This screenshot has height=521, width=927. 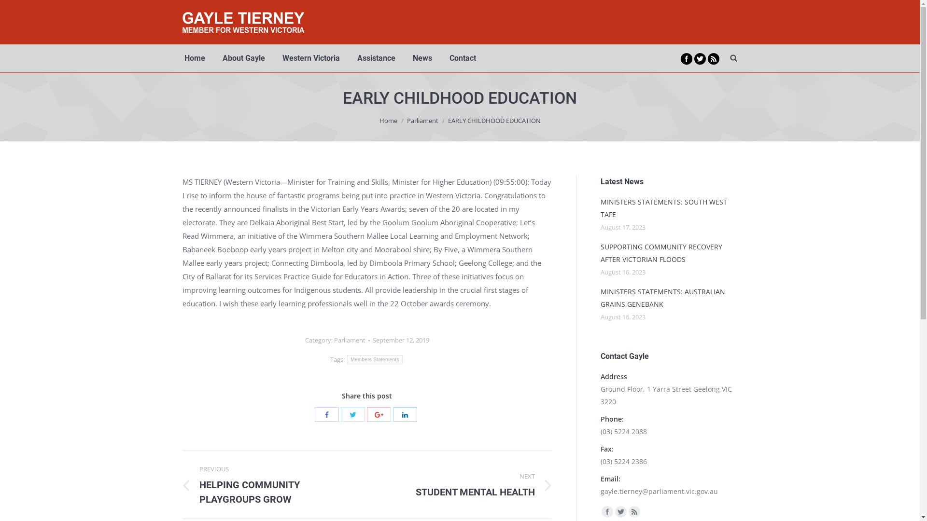 What do you see at coordinates (466, 485) in the screenshot?
I see `'NEXT` at bounding box center [466, 485].